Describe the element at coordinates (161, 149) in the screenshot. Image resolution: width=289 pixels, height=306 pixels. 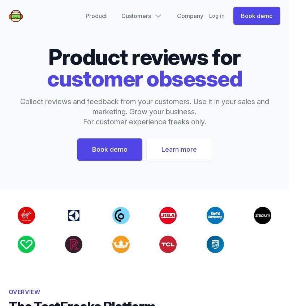
I see `'Learn more'` at that location.